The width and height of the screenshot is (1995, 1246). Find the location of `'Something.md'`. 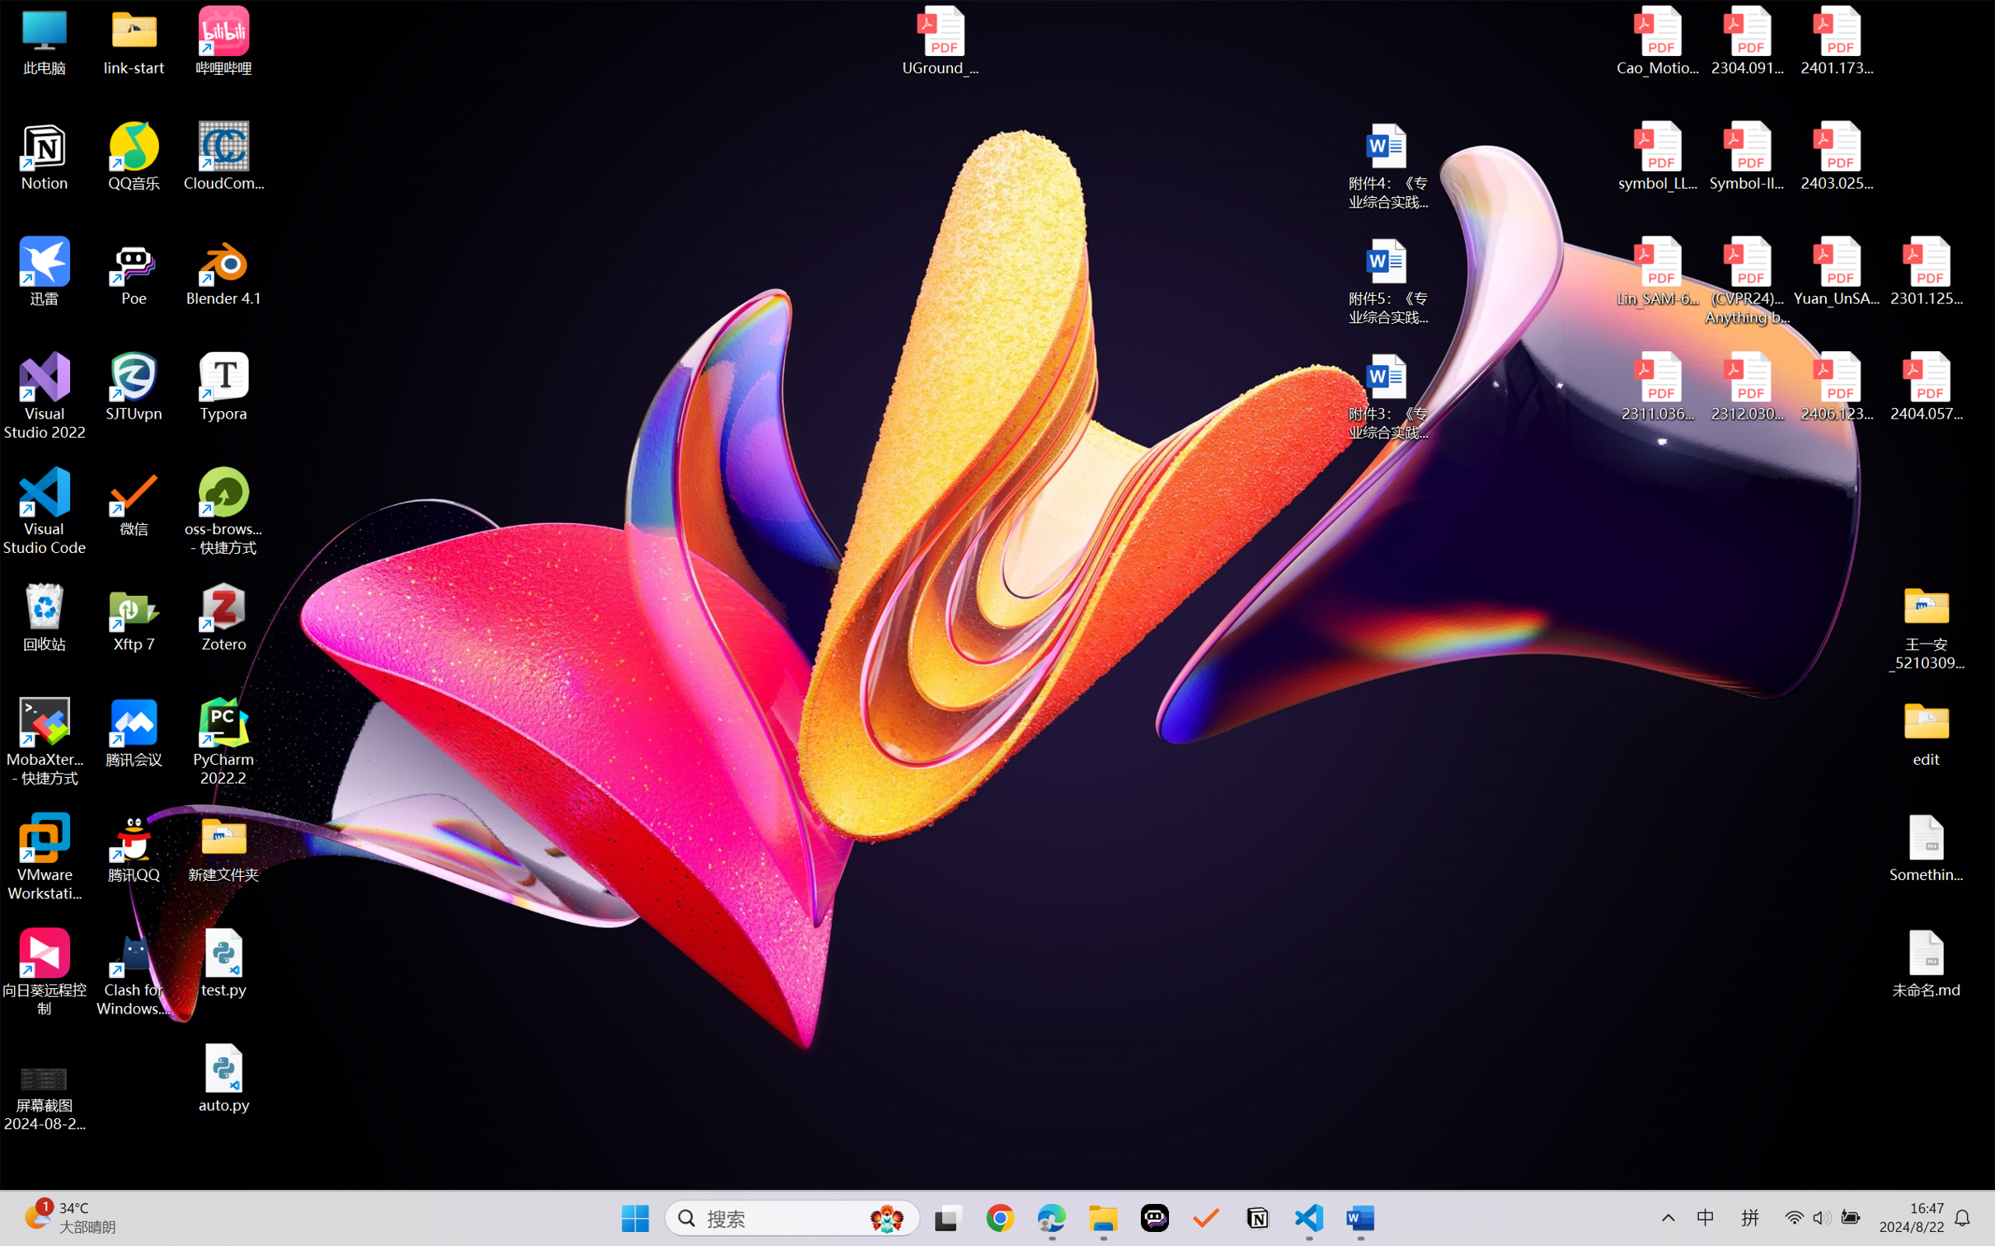

'Something.md' is located at coordinates (1925, 848).